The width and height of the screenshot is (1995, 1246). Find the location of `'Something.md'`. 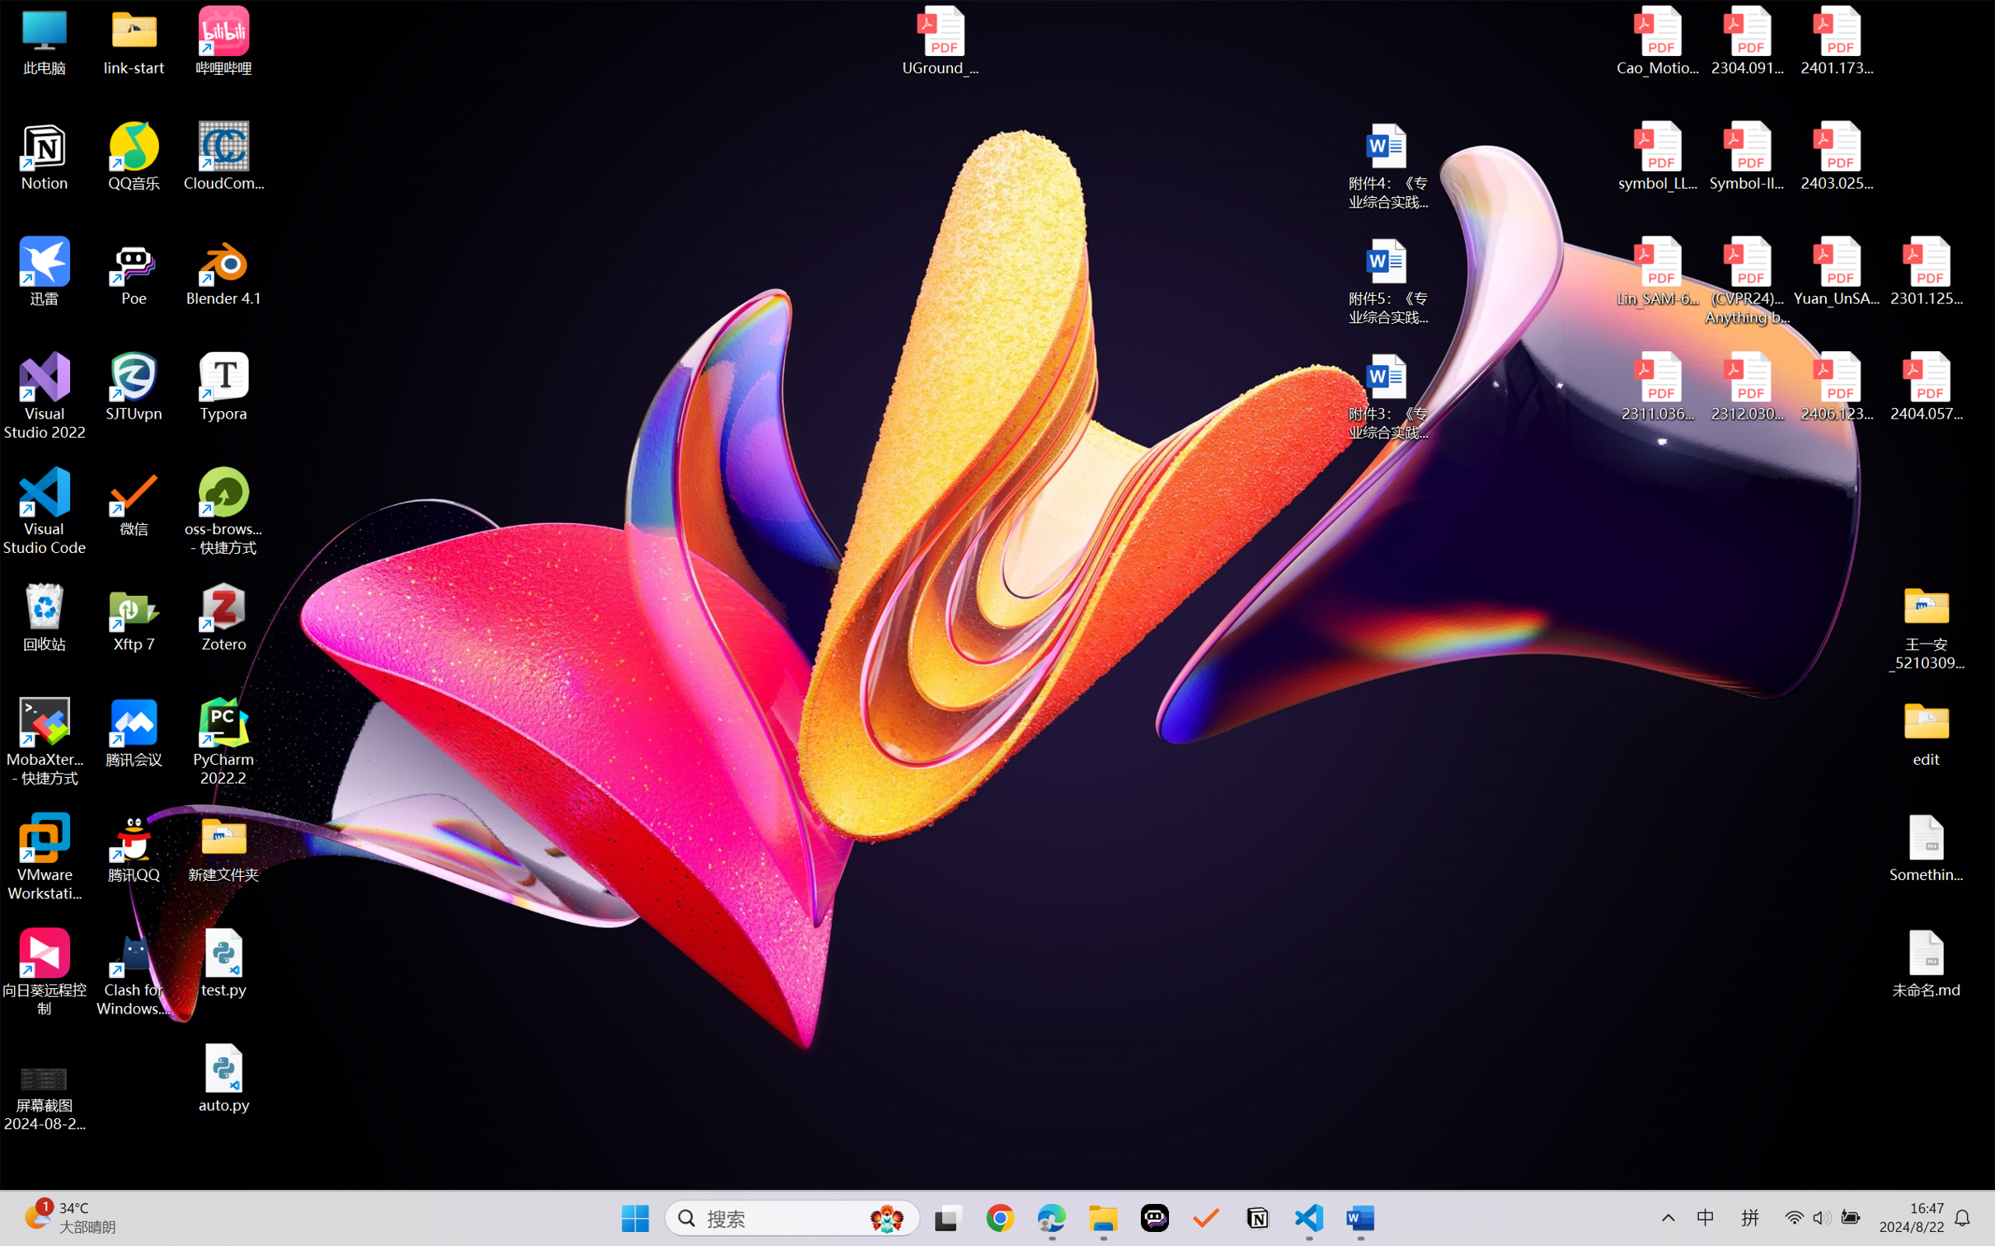

'Something.md' is located at coordinates (1925, 848).